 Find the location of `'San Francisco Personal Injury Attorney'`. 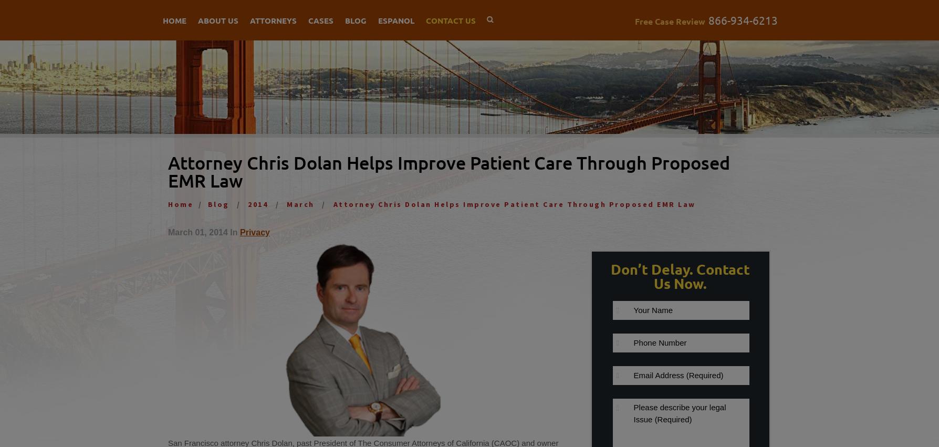

'San Francisco Personal Injury Attorney' is located at coordinates (397, 147).